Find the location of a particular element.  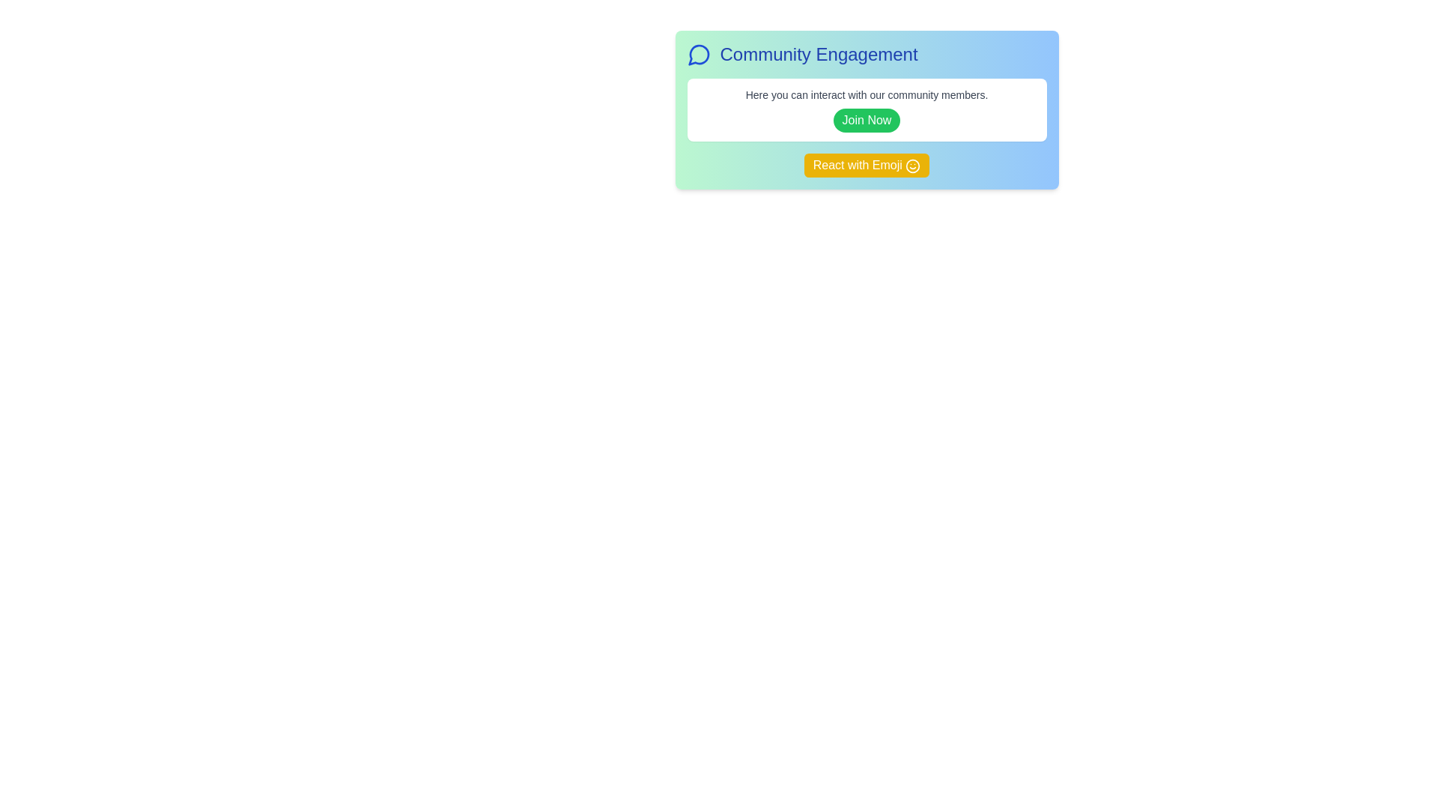

the introductory text element that provides information to the user, located above the green 'Join Now' button is located at coordinates (867, 95).